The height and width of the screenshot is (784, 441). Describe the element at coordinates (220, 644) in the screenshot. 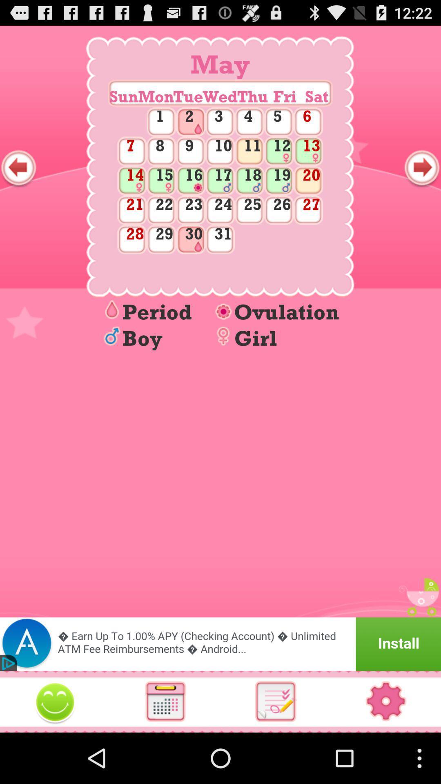

I see `advertisement banner` at that location.